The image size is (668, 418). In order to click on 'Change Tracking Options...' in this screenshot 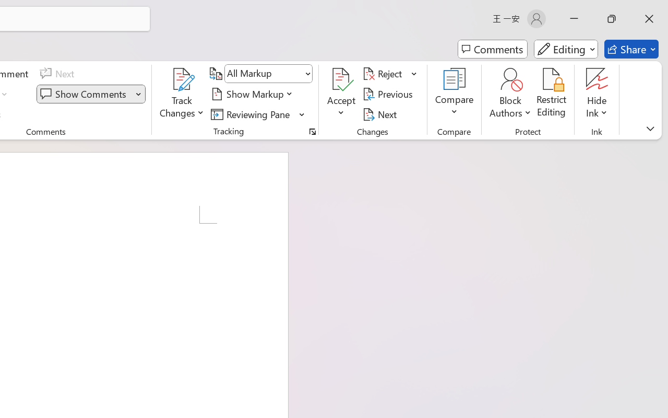, I will do `click(312, 131)`.